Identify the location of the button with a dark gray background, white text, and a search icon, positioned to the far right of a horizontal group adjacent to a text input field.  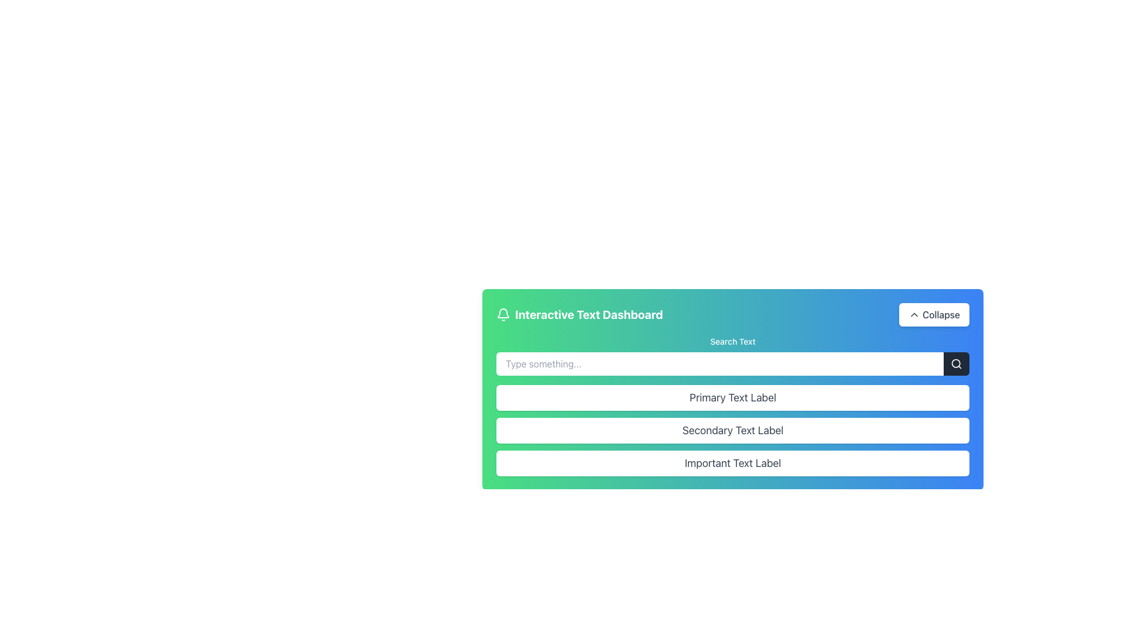
(956, 363).